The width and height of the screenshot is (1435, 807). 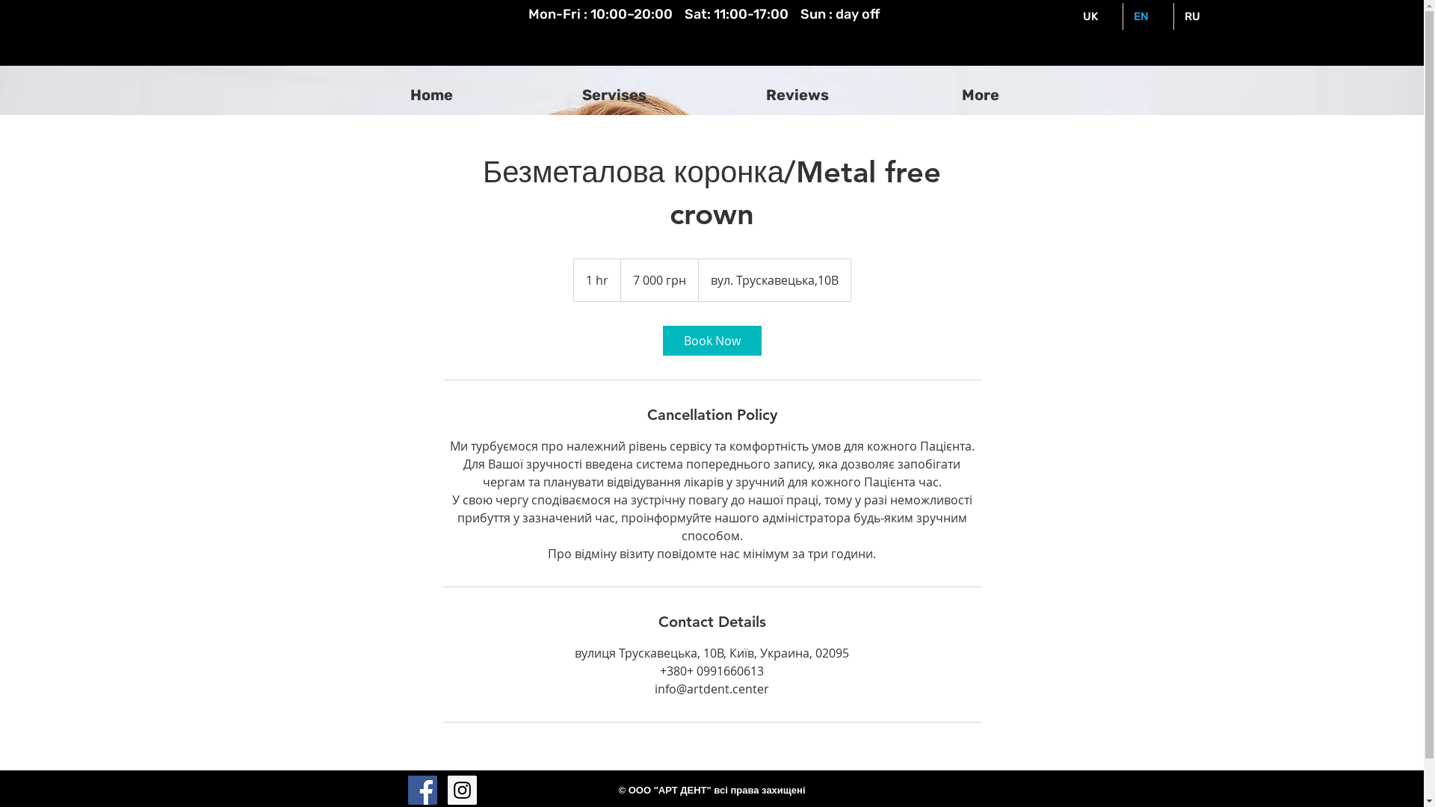 I want to click on 'Book Now', so click(x=710, y=340).